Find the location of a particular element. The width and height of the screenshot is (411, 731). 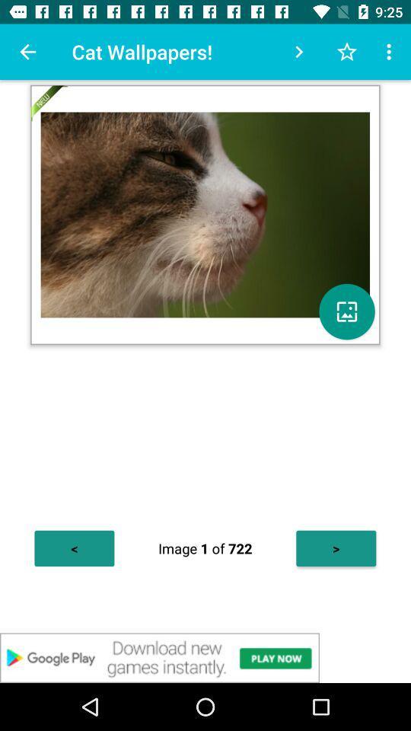

the wallpaper icon is located at coordinates (346, 311).